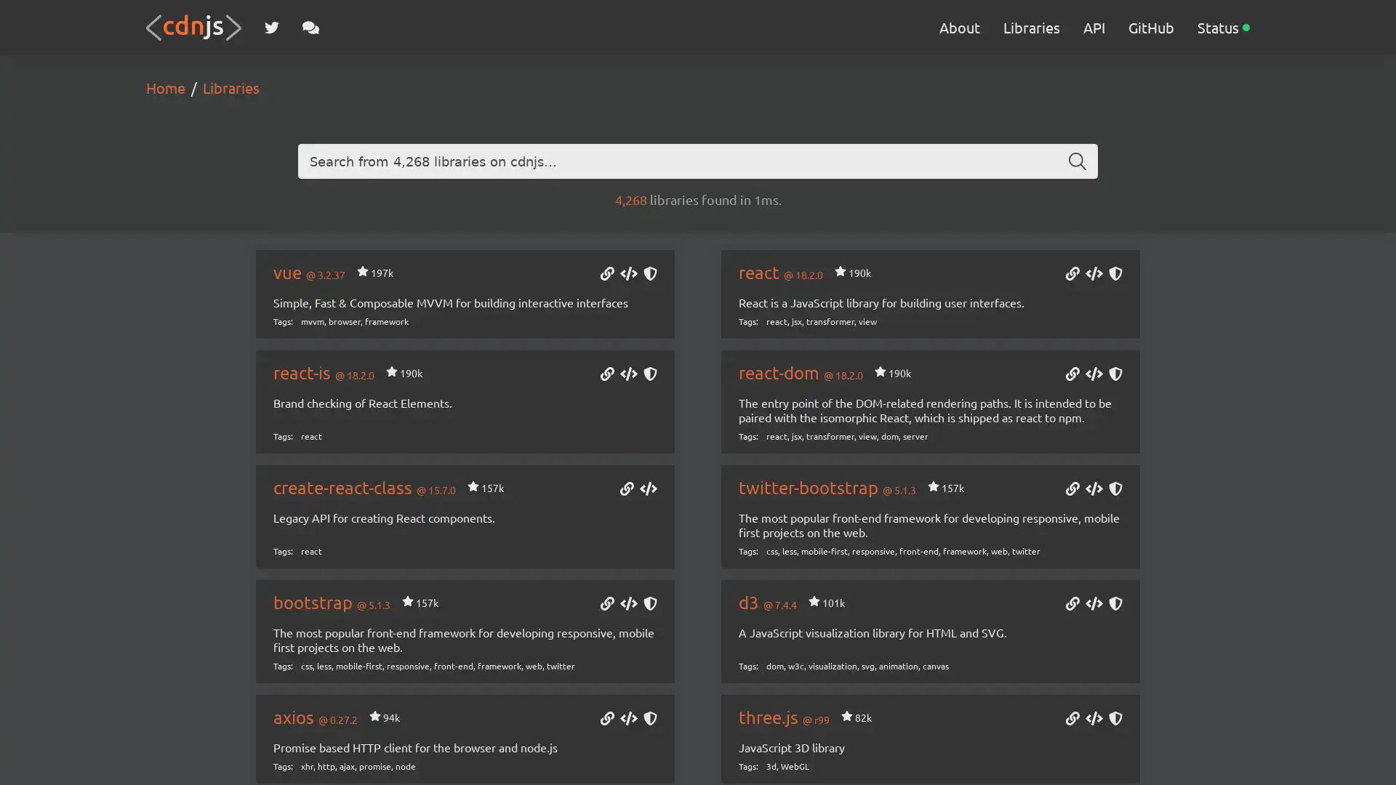  Describe the element at coordinates (628, 720) in the screenshot. I see `Copy Script Tag` at that location.